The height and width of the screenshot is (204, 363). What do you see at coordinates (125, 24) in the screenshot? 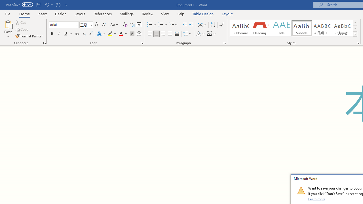
I see `'Clear Formatting'` at bounding box center [125, 24].